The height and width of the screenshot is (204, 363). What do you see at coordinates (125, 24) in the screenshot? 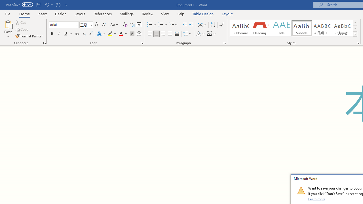
I see `'Clear Formatting'` at bounding box center [125, 24].